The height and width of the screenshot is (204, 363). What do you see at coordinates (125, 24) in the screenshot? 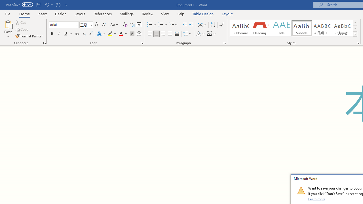
I see `'Clear Formatting'` at bounding box center [125, 24].